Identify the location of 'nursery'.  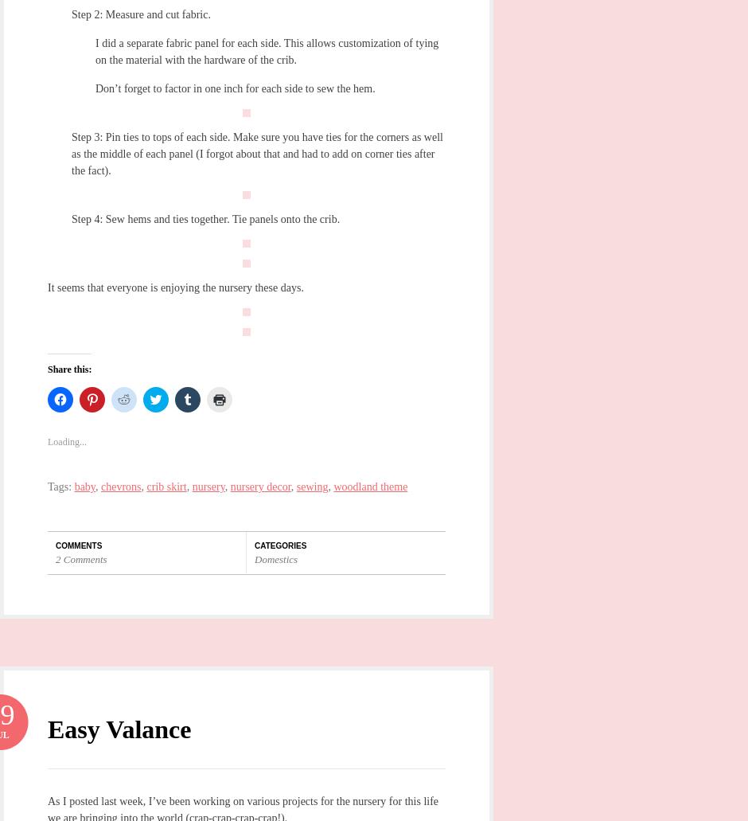
(208, 486).